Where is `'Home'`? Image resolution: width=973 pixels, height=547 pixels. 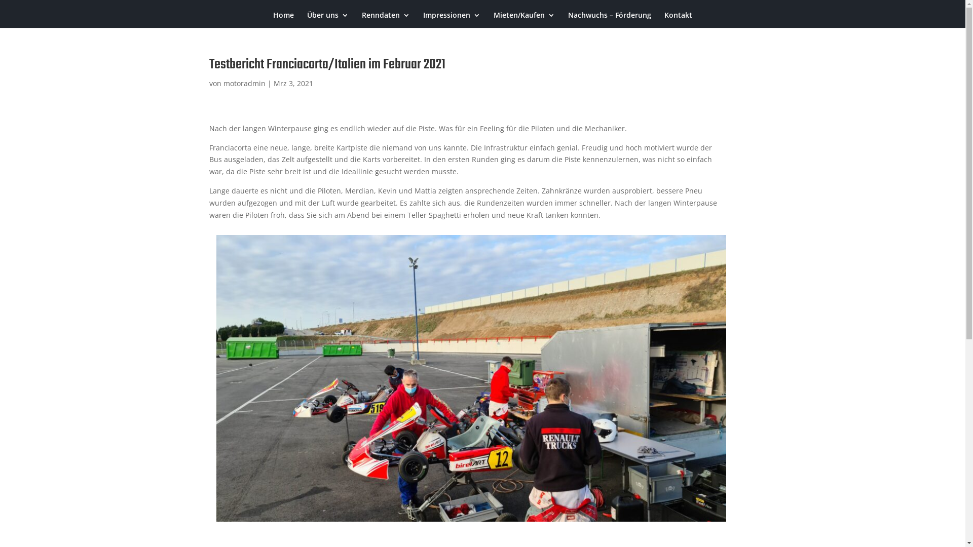
'Home' is located at coordinates (283, 19).